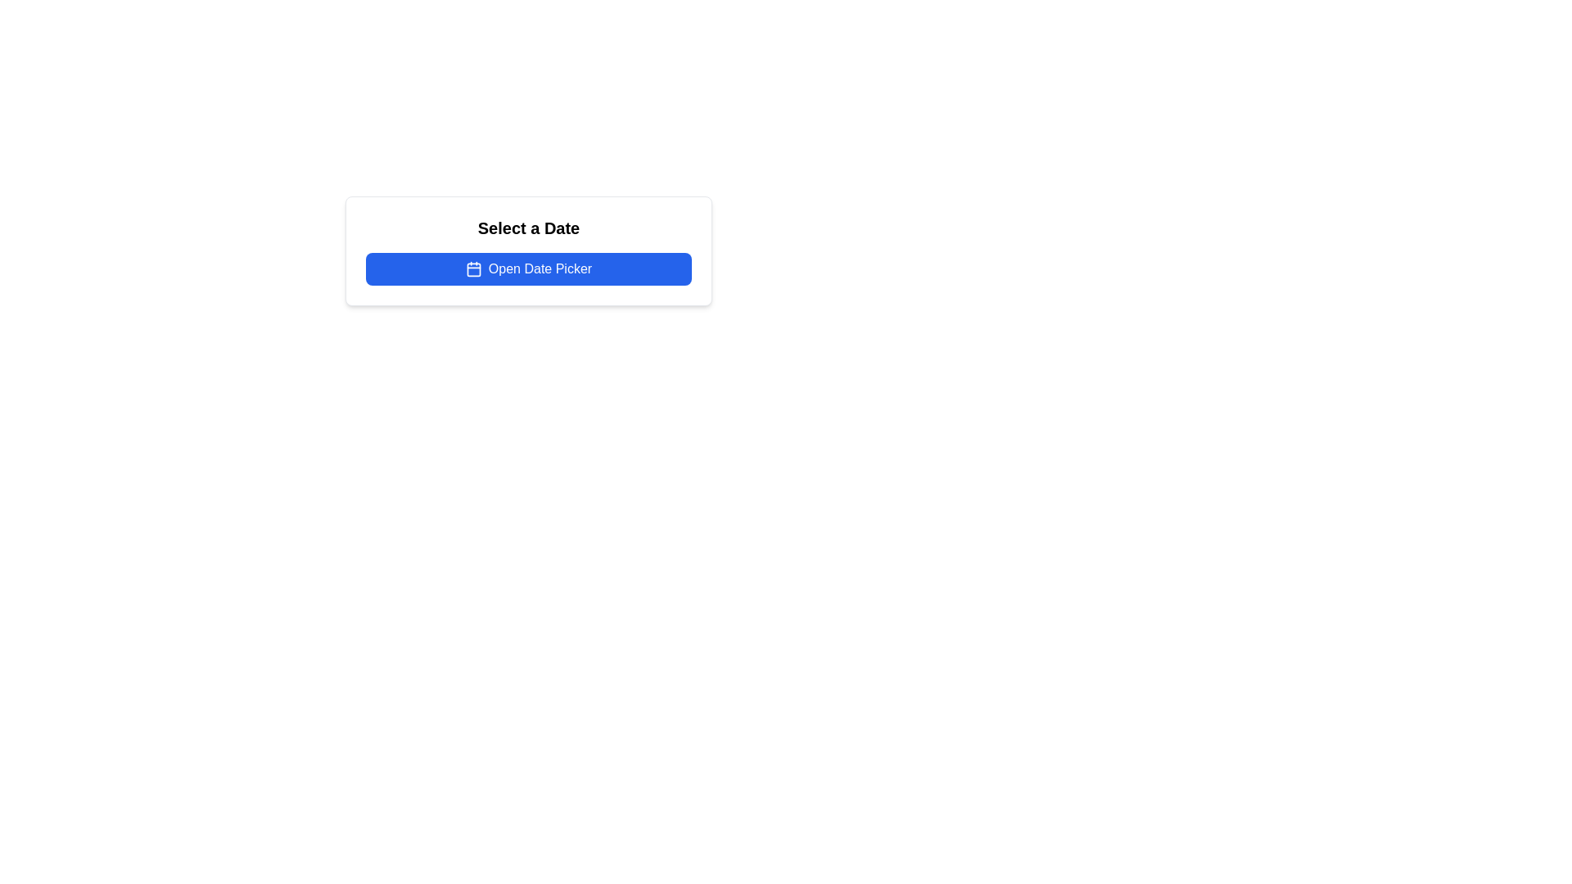 Image resolution: width=1572 pixels, height=884 pixels. Describe the element at coordinates (529, 268) in the screenshot. I see `keyboard navigation` at that location.